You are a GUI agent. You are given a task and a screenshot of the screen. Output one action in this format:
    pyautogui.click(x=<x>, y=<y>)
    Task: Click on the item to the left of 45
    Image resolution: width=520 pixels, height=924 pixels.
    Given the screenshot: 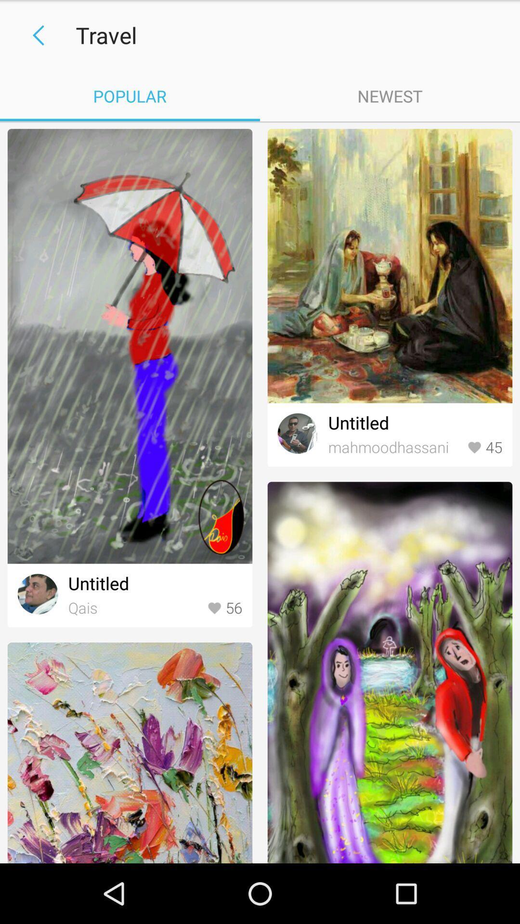 What is the action you would take?
    pyautogui.click(x=395, y=447)
    